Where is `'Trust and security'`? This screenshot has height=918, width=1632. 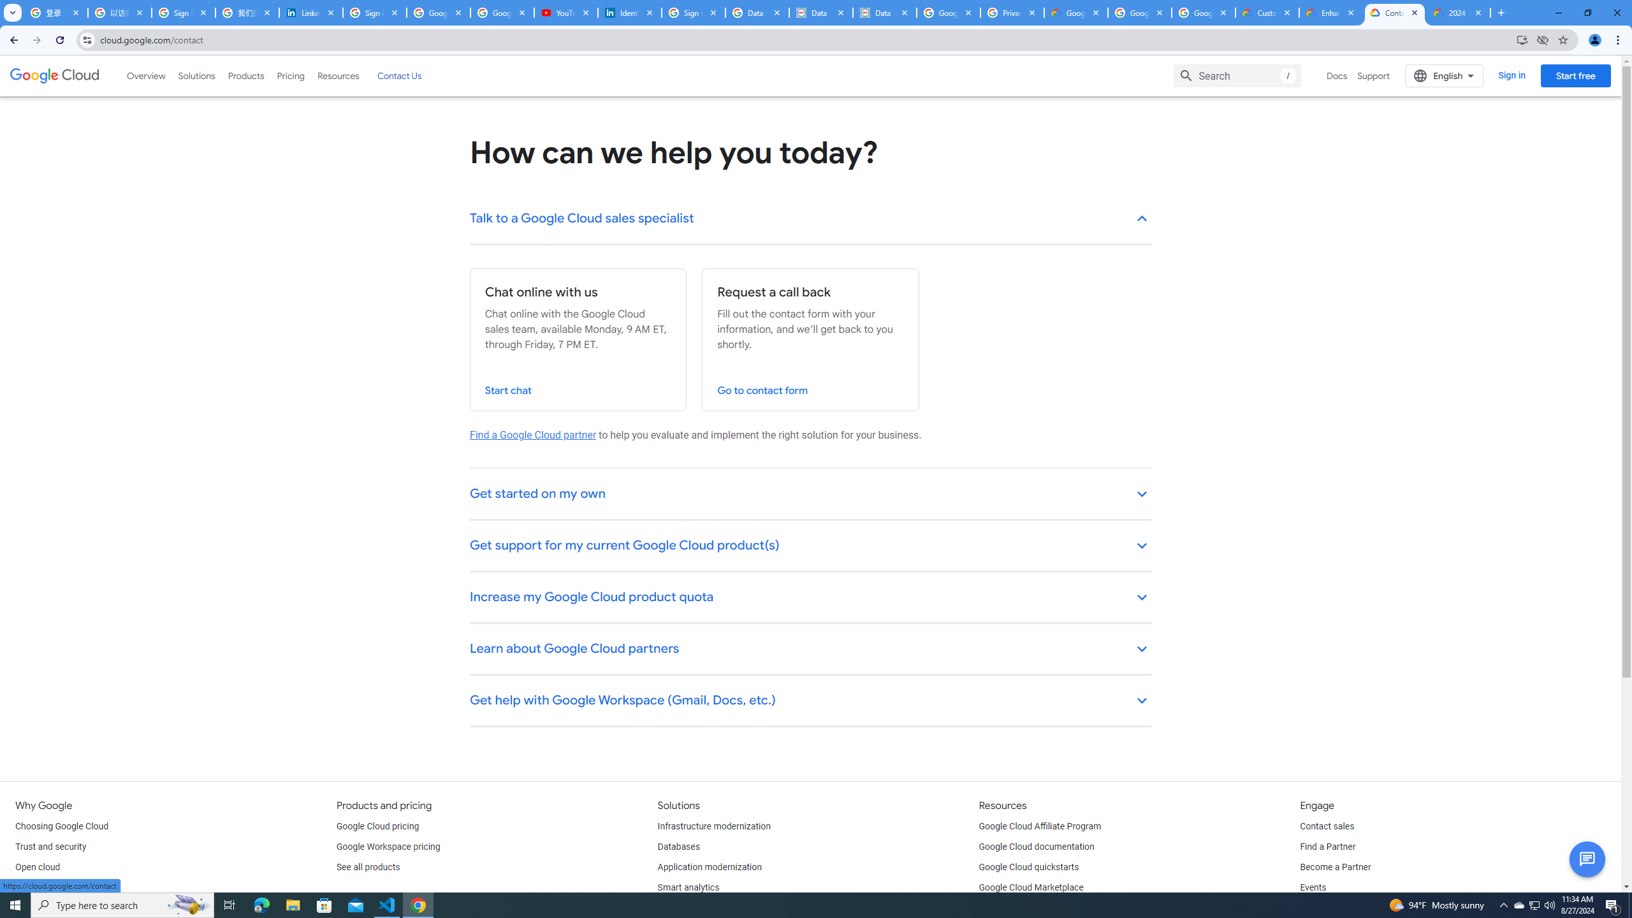 'Trust and security' is located at coordinates (50, 847).